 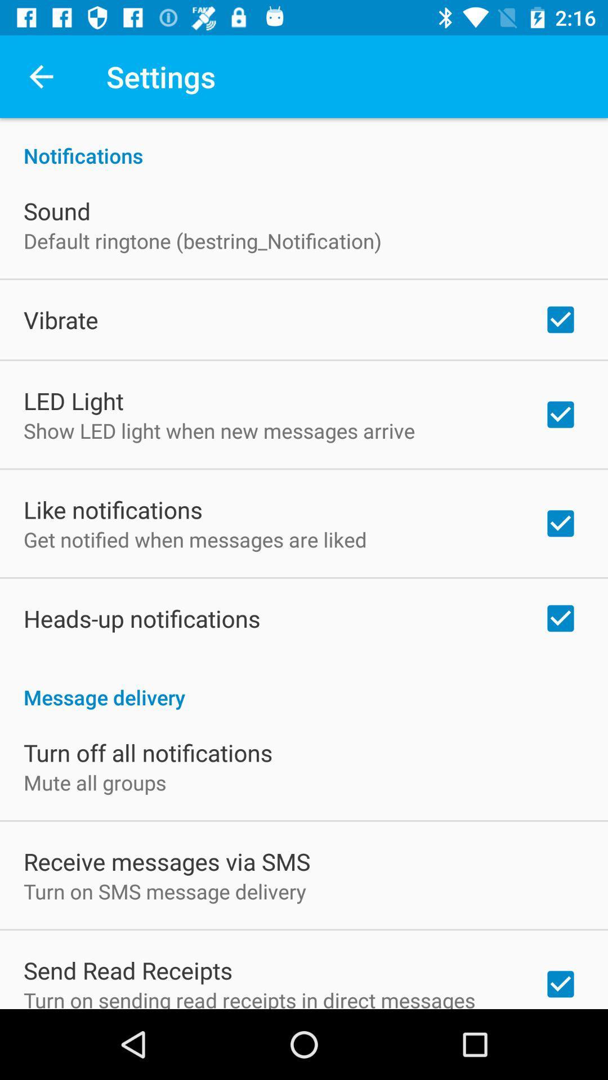 What do you see at coordinates (94, 782) in the screenshot?
I see `the mute all groups item` at bounding box center [94, 782].